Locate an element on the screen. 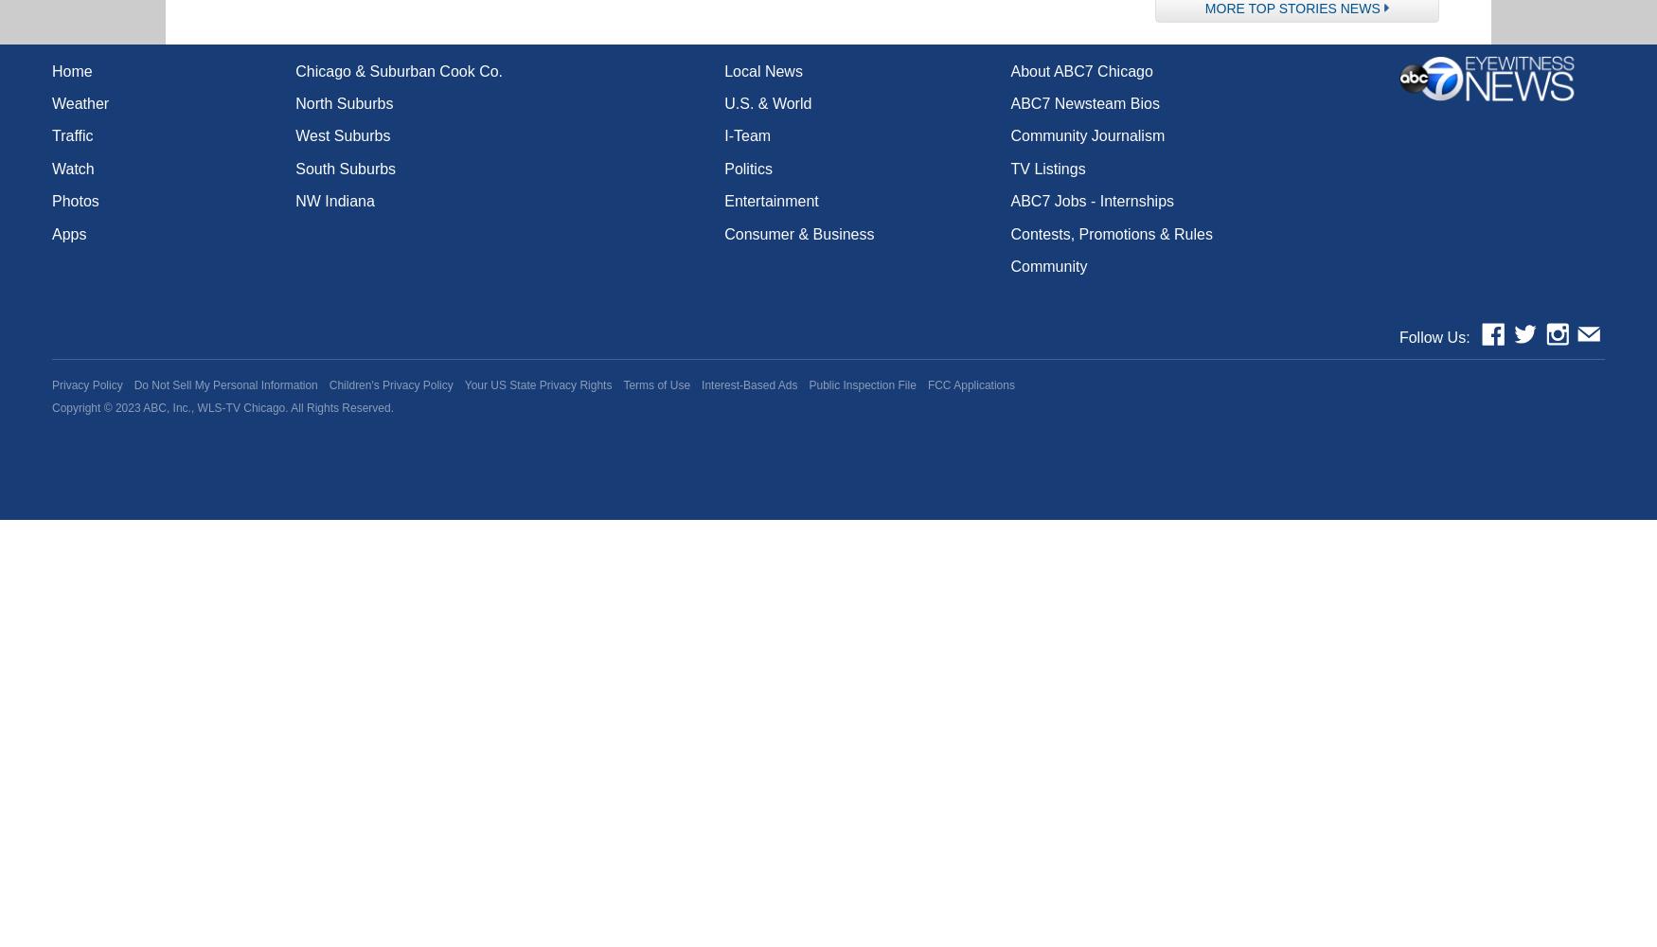 The image size is (1657, 947). '2023' is located at coordinates (126, 408).